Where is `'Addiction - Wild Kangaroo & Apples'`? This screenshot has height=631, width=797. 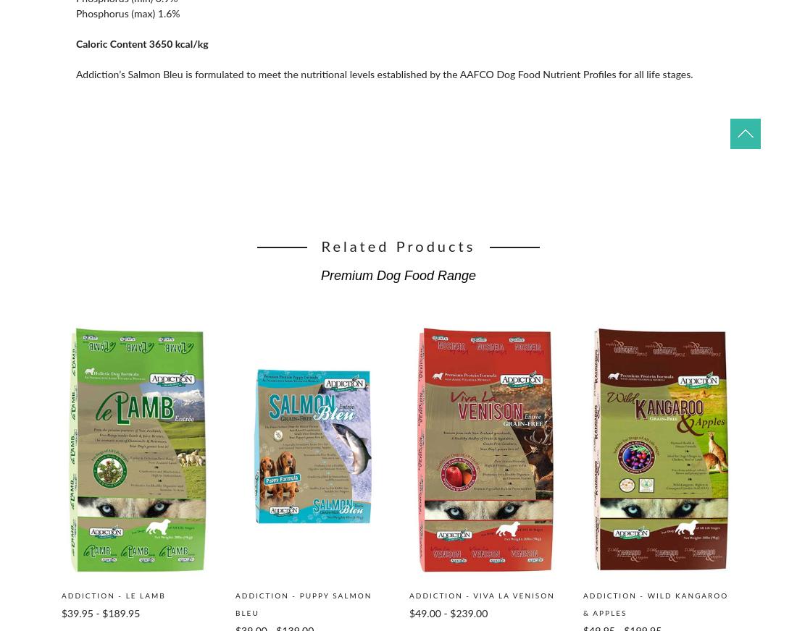 'Addiction - Wild Kangaroo & Apples' is located at coordinates (655, 604).